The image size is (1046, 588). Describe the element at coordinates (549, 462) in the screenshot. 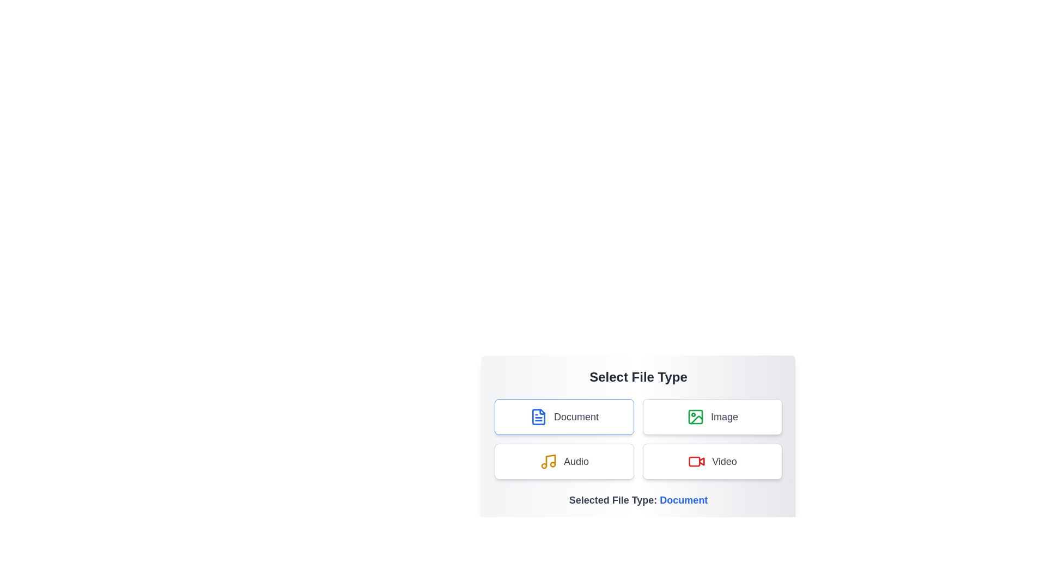

I see `the yellow-colored music note icon located in the 'Audio' option box, which is positioned prominently in the lower left part of the 2x2 grid of file type options` at that location.